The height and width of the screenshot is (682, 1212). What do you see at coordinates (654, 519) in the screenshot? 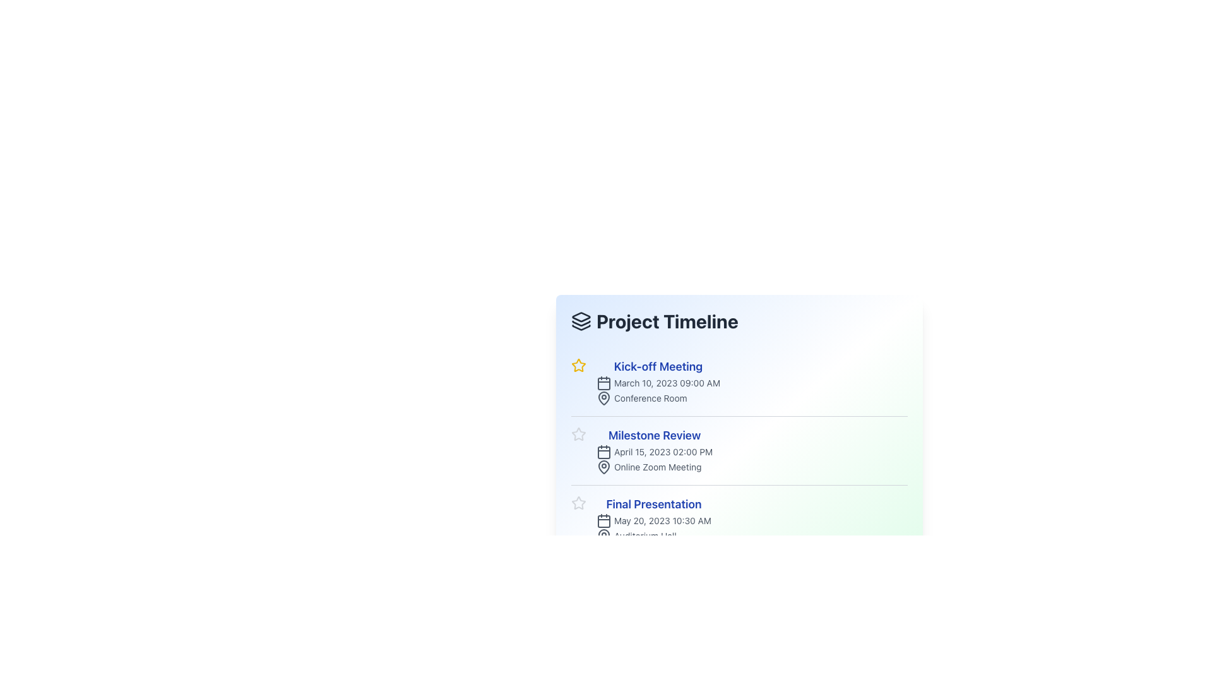
I see `the 'Final Presentation' event entry in the 'Project Timeline' section to interact with it` at bounding box center [654, 519].